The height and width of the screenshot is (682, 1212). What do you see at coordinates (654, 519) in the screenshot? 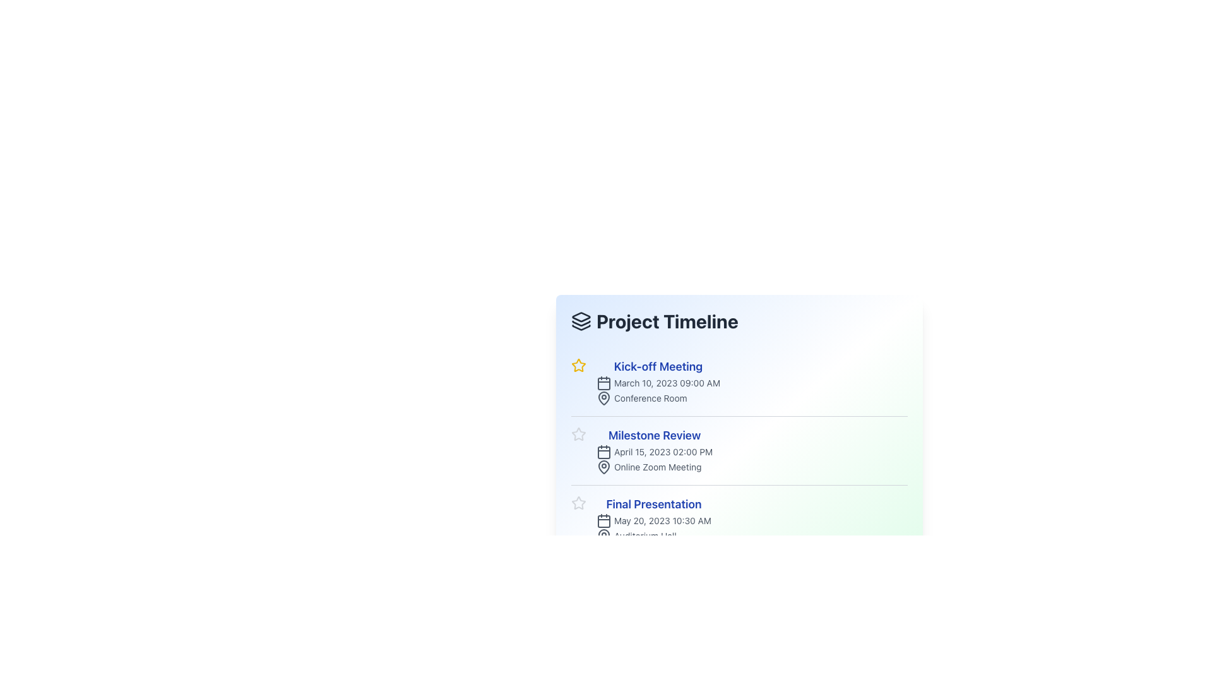
I see `the 'Final Presentation' event entry in the 'Project Timeline' section to interact with it` at bounding box center [654, 519].